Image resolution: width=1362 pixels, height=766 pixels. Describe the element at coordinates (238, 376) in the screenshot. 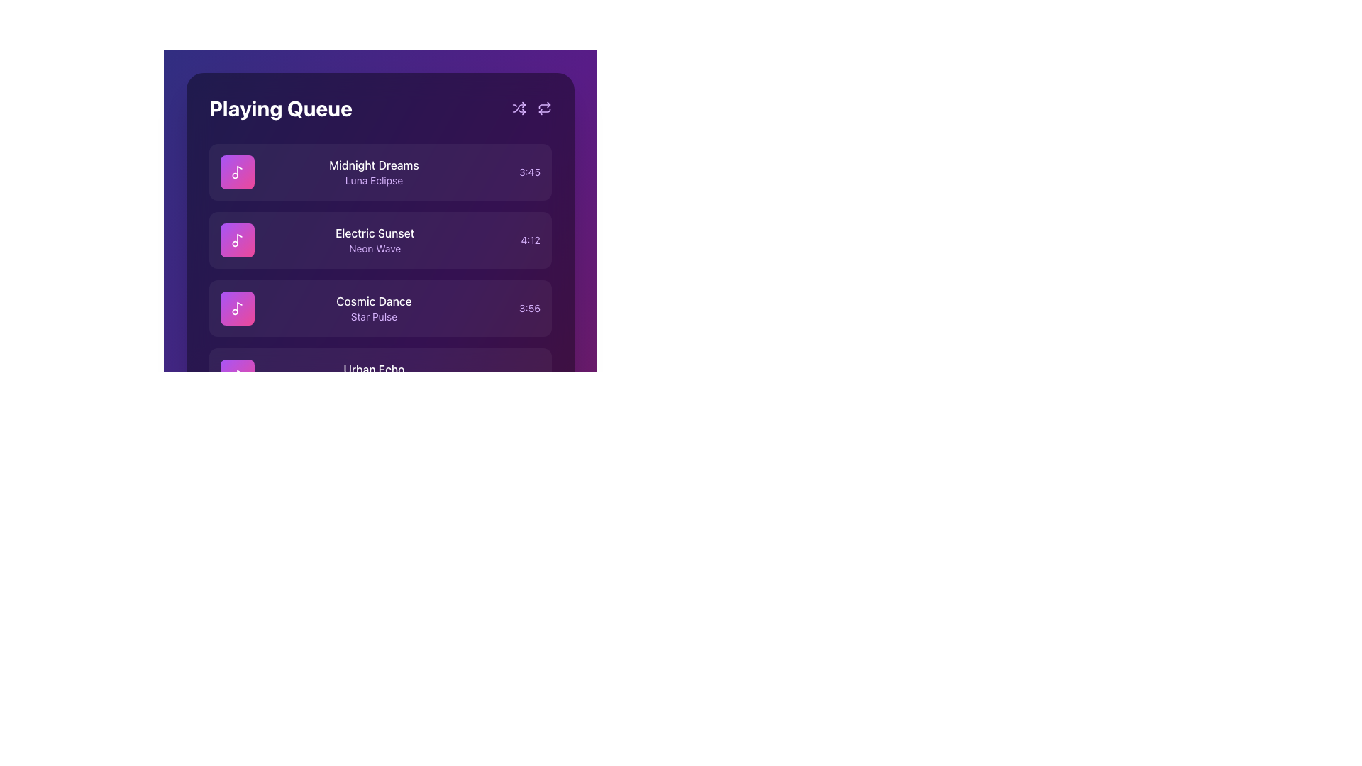

I see `the music track icon located in the bottom-most row of the 'Playing Queue', positioned to the left of 'Urban Echo'` at that location.